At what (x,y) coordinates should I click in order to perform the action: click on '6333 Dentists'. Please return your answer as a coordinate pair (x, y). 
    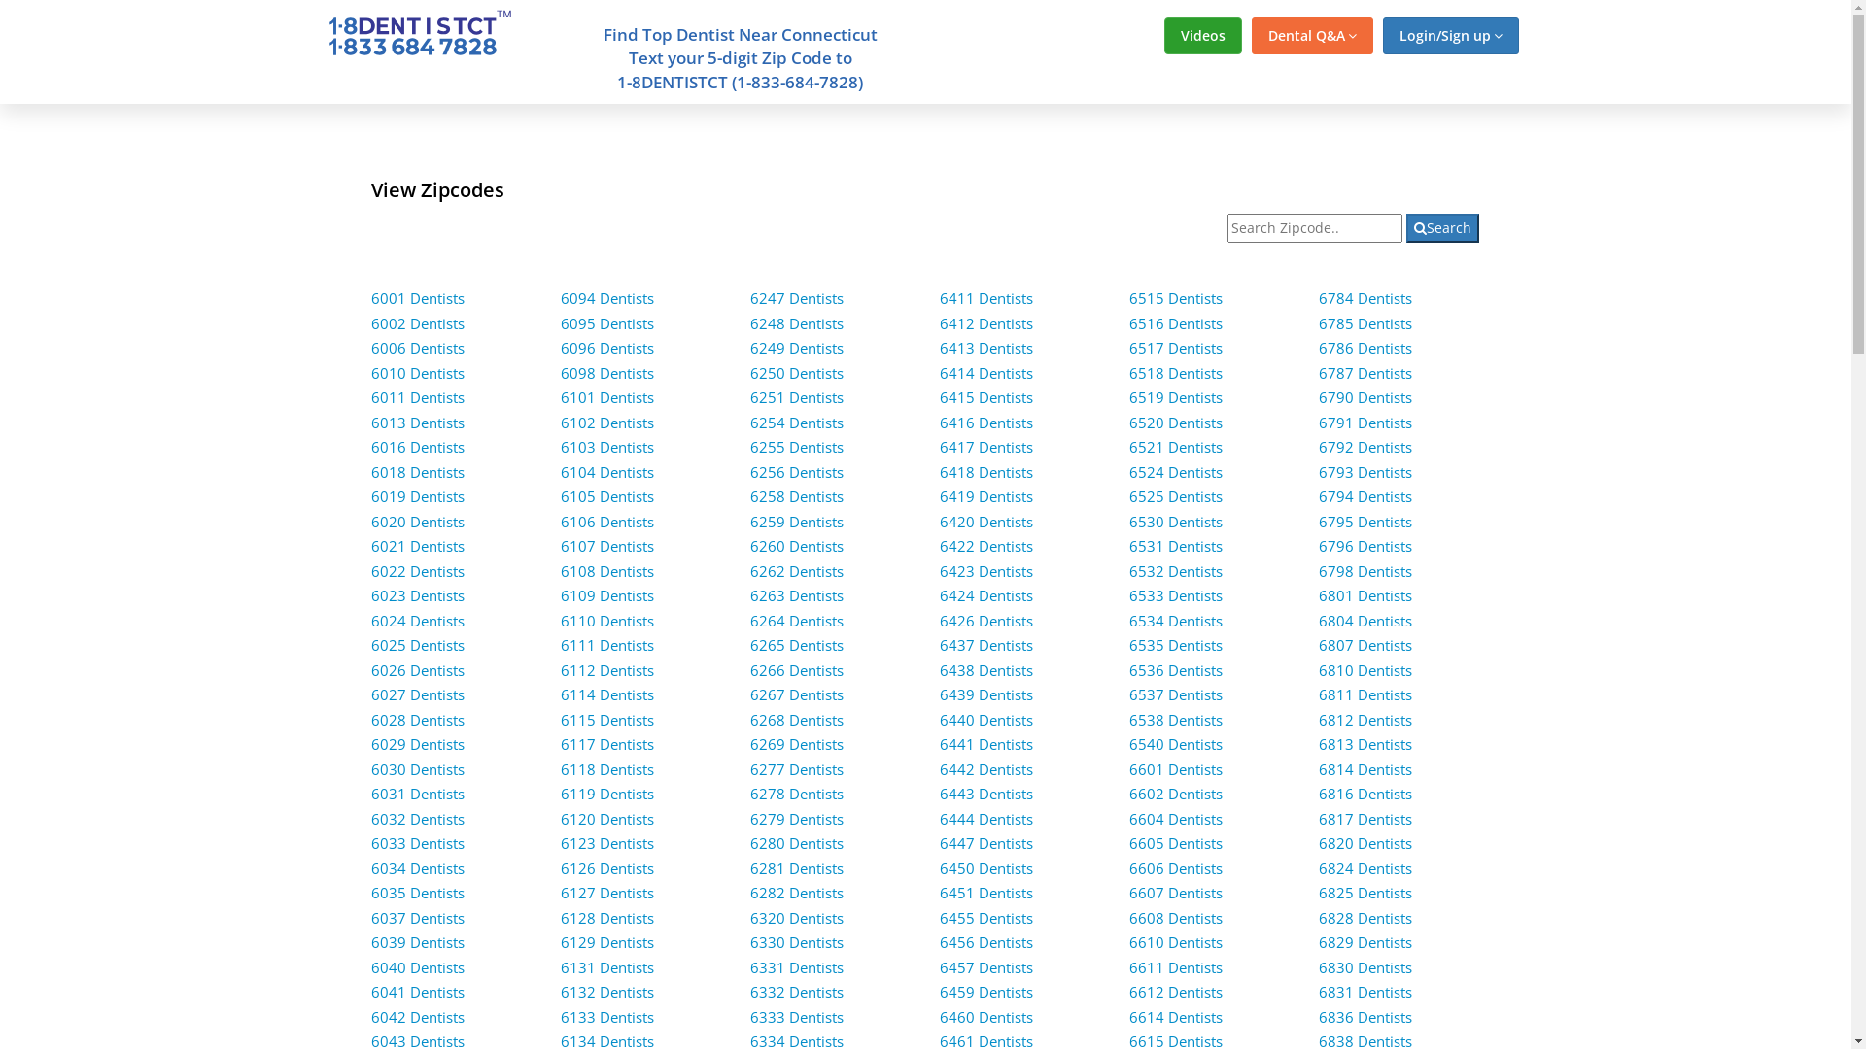
    Looking at the image, I should click on (797, 1015).